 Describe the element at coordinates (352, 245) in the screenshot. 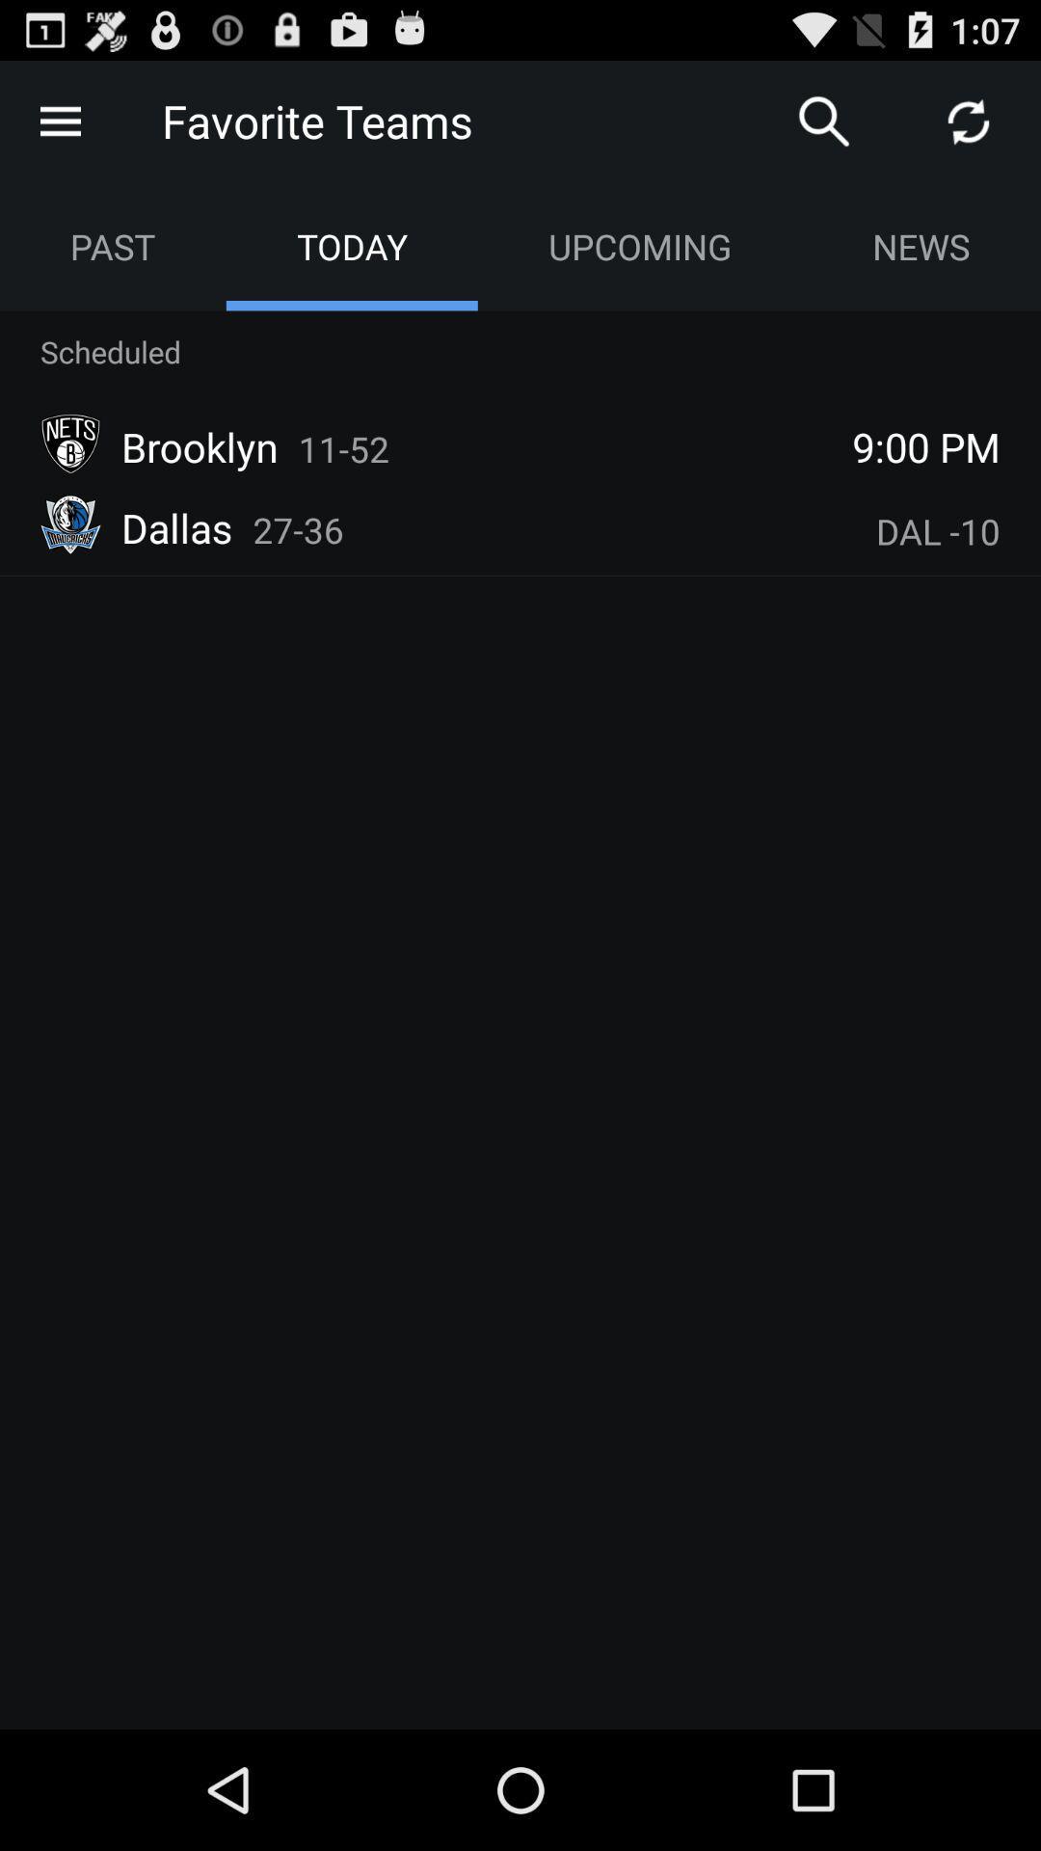

I see `app below the favorite teams app` at that location.